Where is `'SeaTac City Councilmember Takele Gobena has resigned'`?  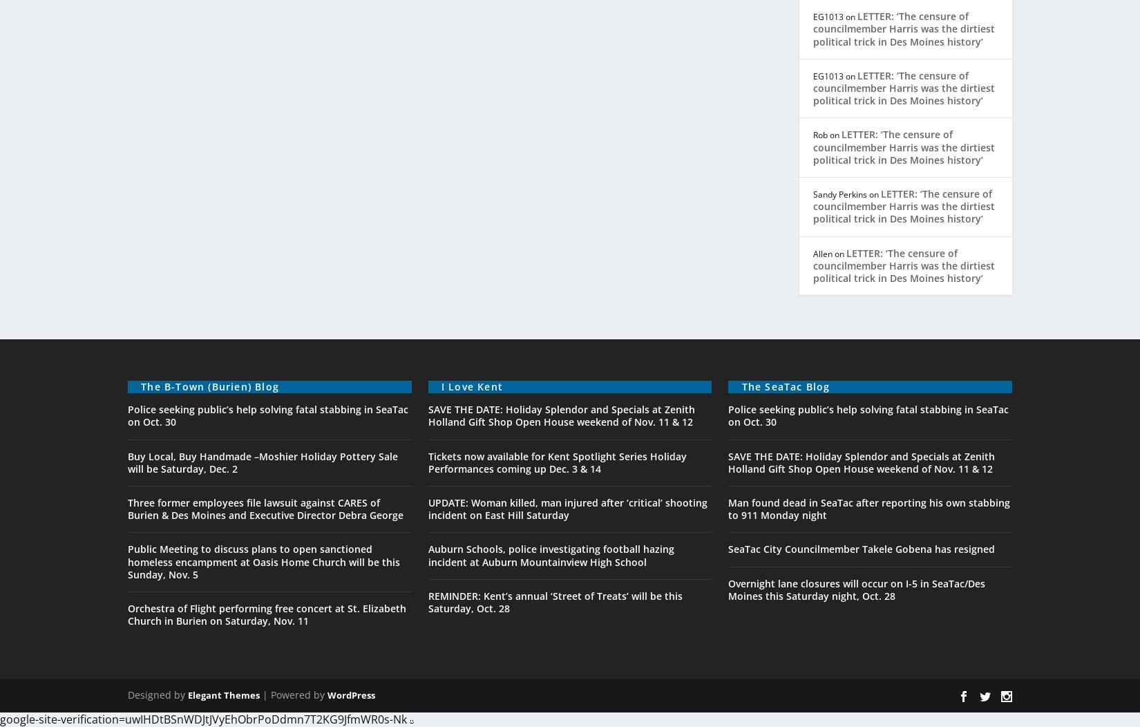 'SeaTac City Councilmember Takele Gobena has resigned' is located at coordinates (861, 549).